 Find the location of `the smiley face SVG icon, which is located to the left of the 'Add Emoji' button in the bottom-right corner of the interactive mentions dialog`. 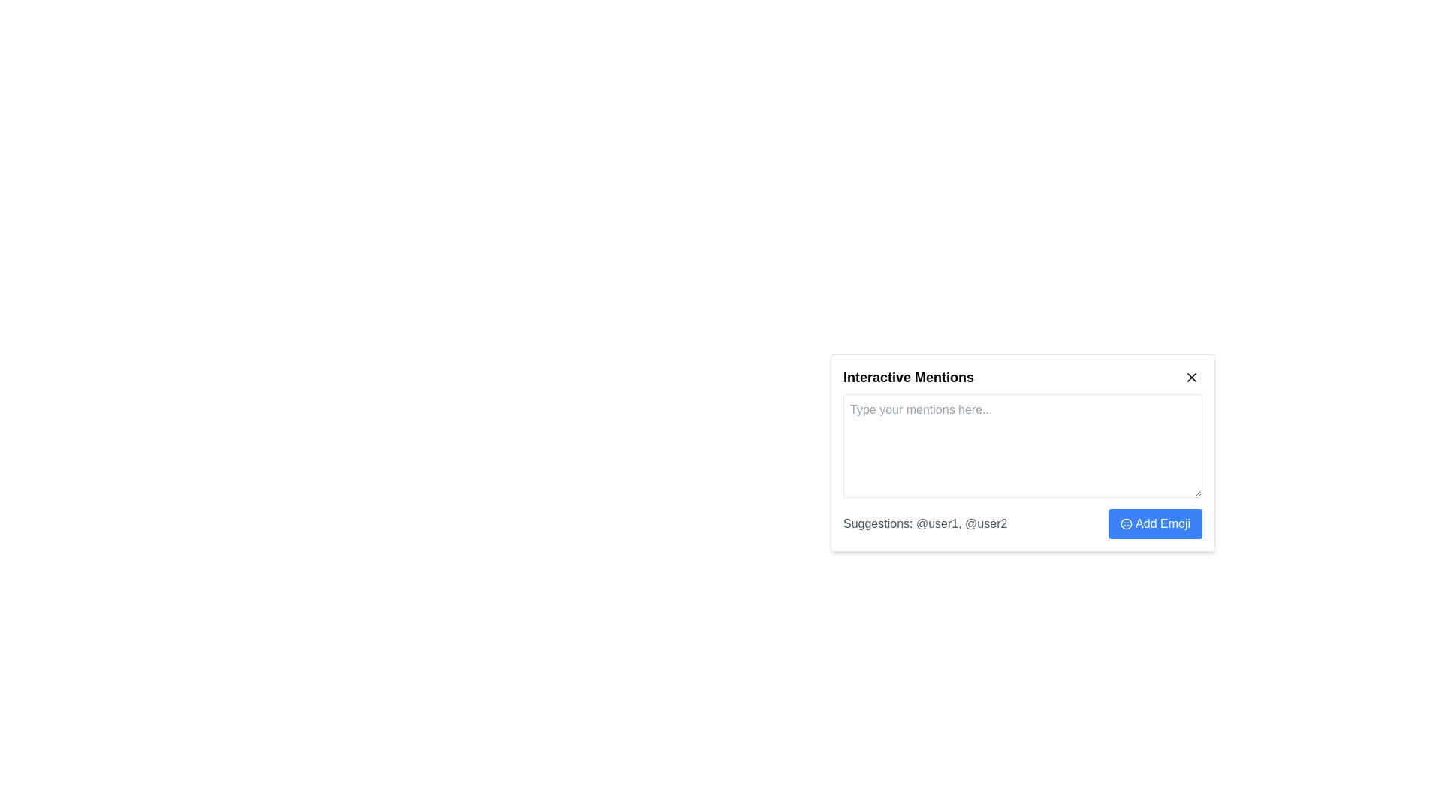

the smiley face SVG icon, which is located to the left of the 'Add Emoji' button in the bottom-right corner of the interactive mentions dialog is located at coordinates (1127, 523).